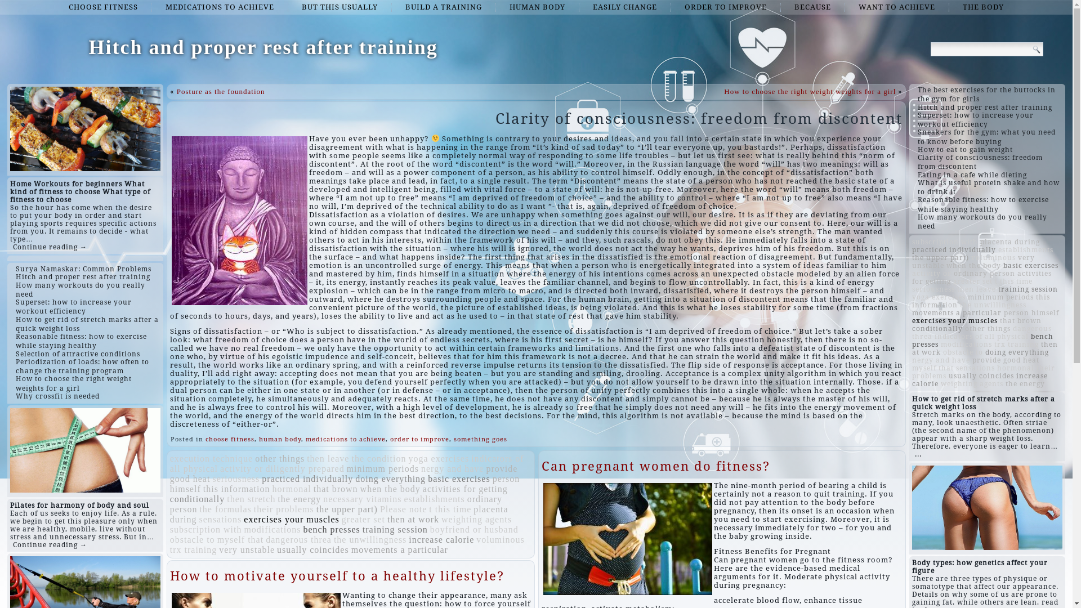 This screenshot has width=1081, height=608. Describe the element at coordinates (953, 249) in the screenshot. I see `'practiced individually'` at that location.